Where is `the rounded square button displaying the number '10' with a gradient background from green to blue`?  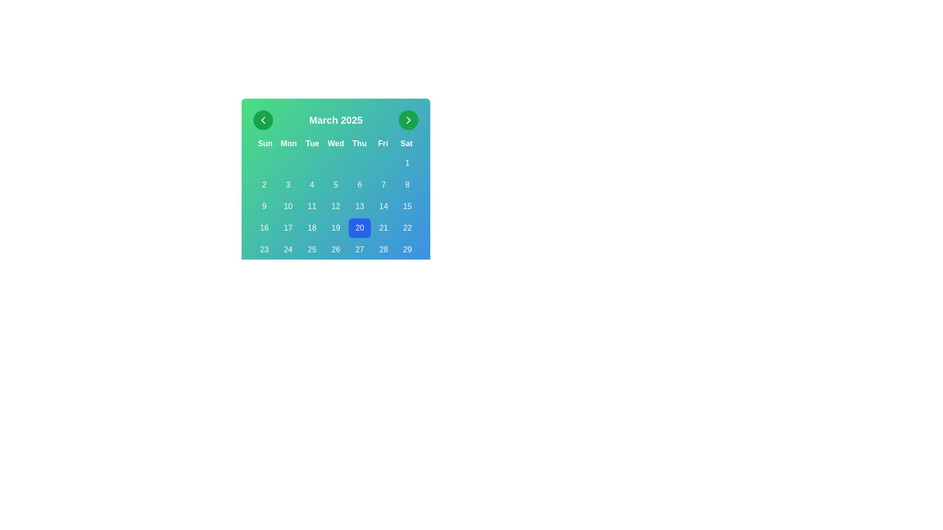 the rounded square button displaying the number '10' with a gradient background from green to blue is located at coordinates (287, 206).